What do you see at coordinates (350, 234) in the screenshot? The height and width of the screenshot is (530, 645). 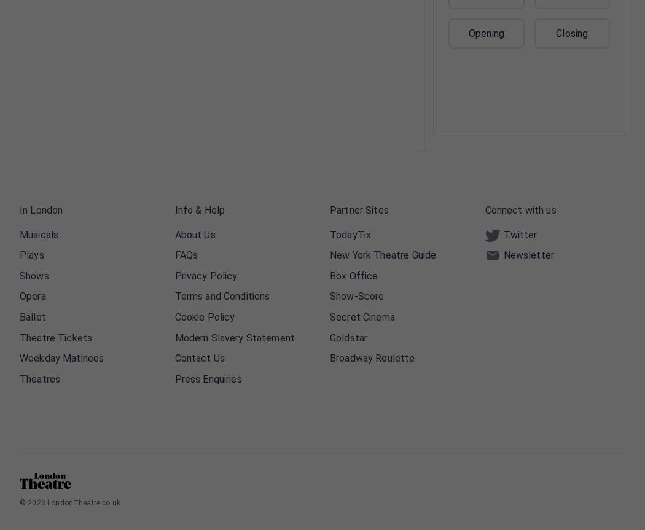 I see `'TodayTix'` at bounding box center [350, 234].